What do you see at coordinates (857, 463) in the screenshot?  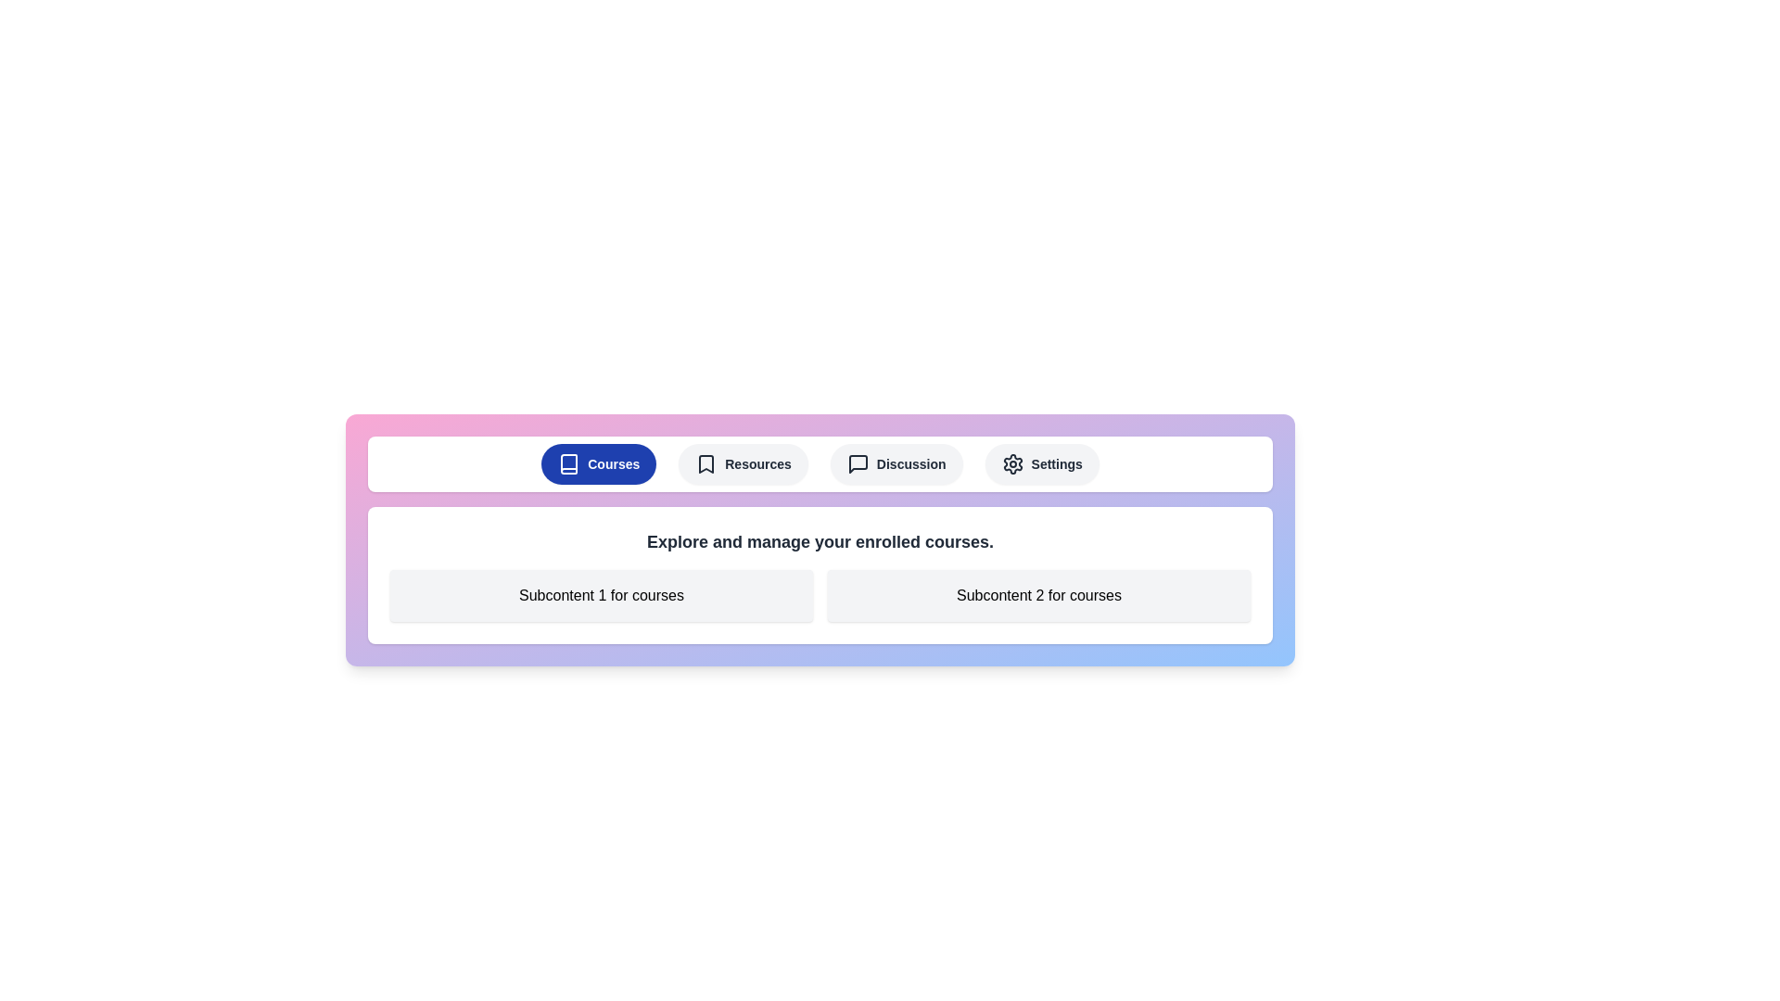 I see `the 'Discussion' button in the navigation bar` at bounding box center [857, 463].